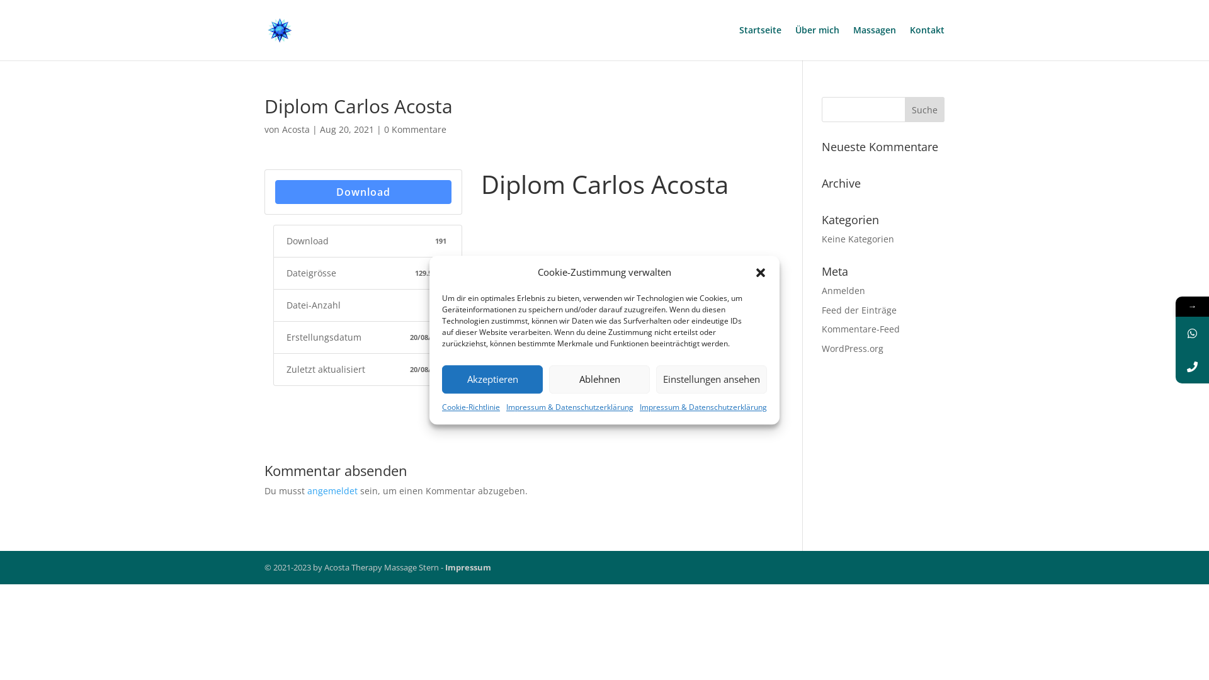 The height and width of the screenshot is (680, 1209). Describe the element at coordinates (383, 129) in the screenshot. I see `'0 Kommentare'` at that location.